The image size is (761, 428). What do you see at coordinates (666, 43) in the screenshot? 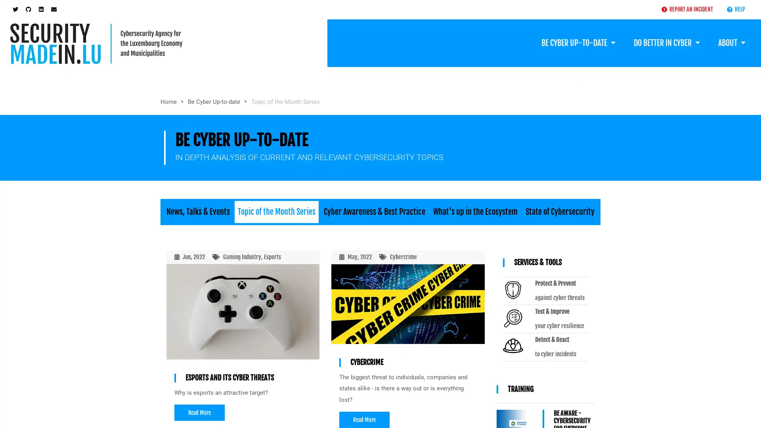
I see `DO BETTER IN CYBER` at bounding box center [666, 43].